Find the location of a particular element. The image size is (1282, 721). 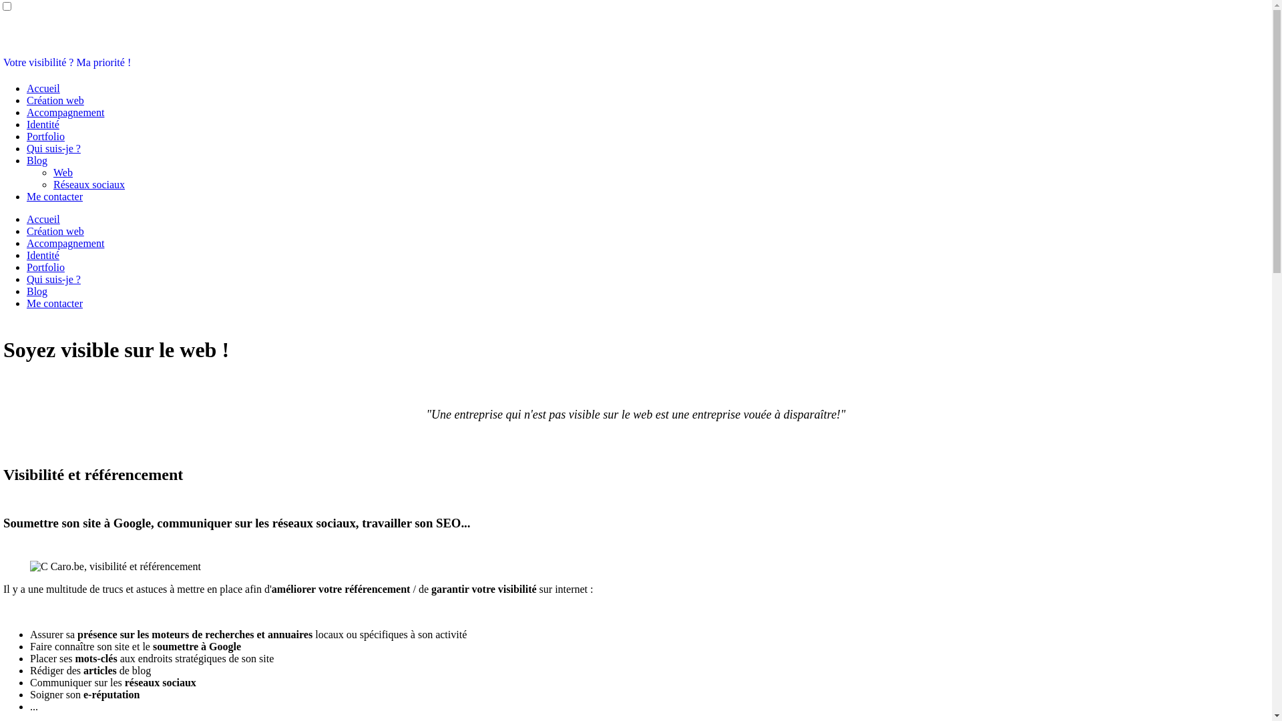

'Blog' is located at coordinates (37, 160).